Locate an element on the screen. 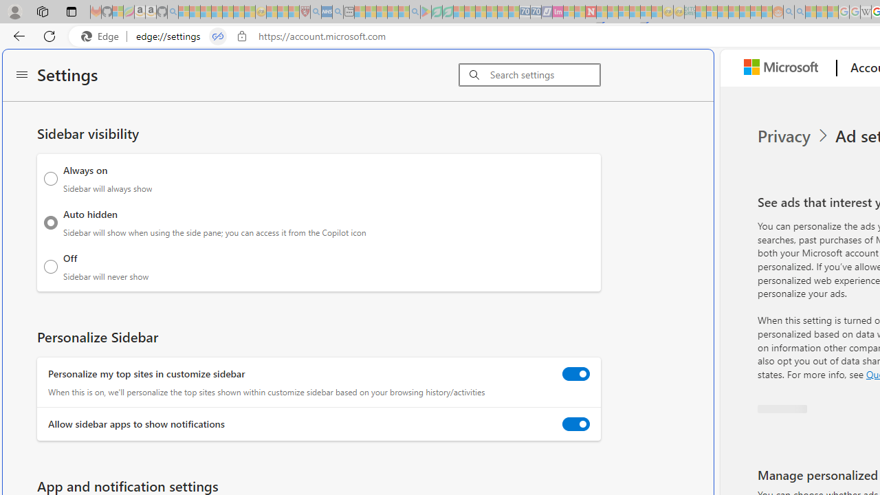  'Always on Sidebar will always show' is located at coordinates (51, 177).